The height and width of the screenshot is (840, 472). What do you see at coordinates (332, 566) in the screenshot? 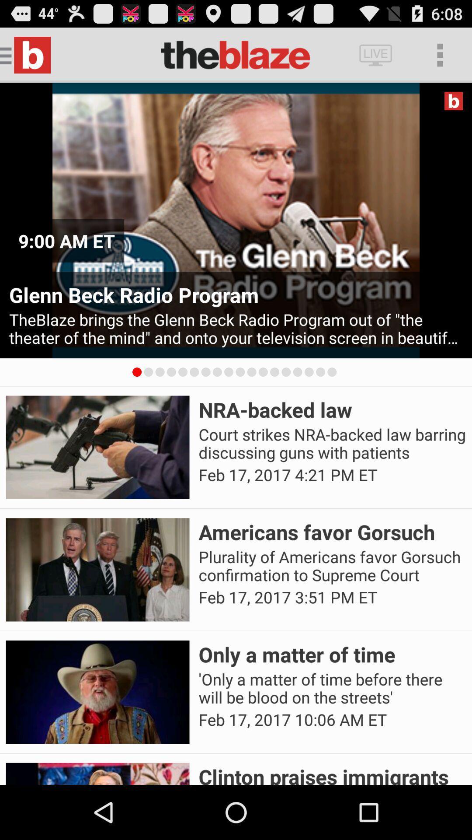
I see `the icon above feb 17 2017 item` at bounding box center [332, 566].